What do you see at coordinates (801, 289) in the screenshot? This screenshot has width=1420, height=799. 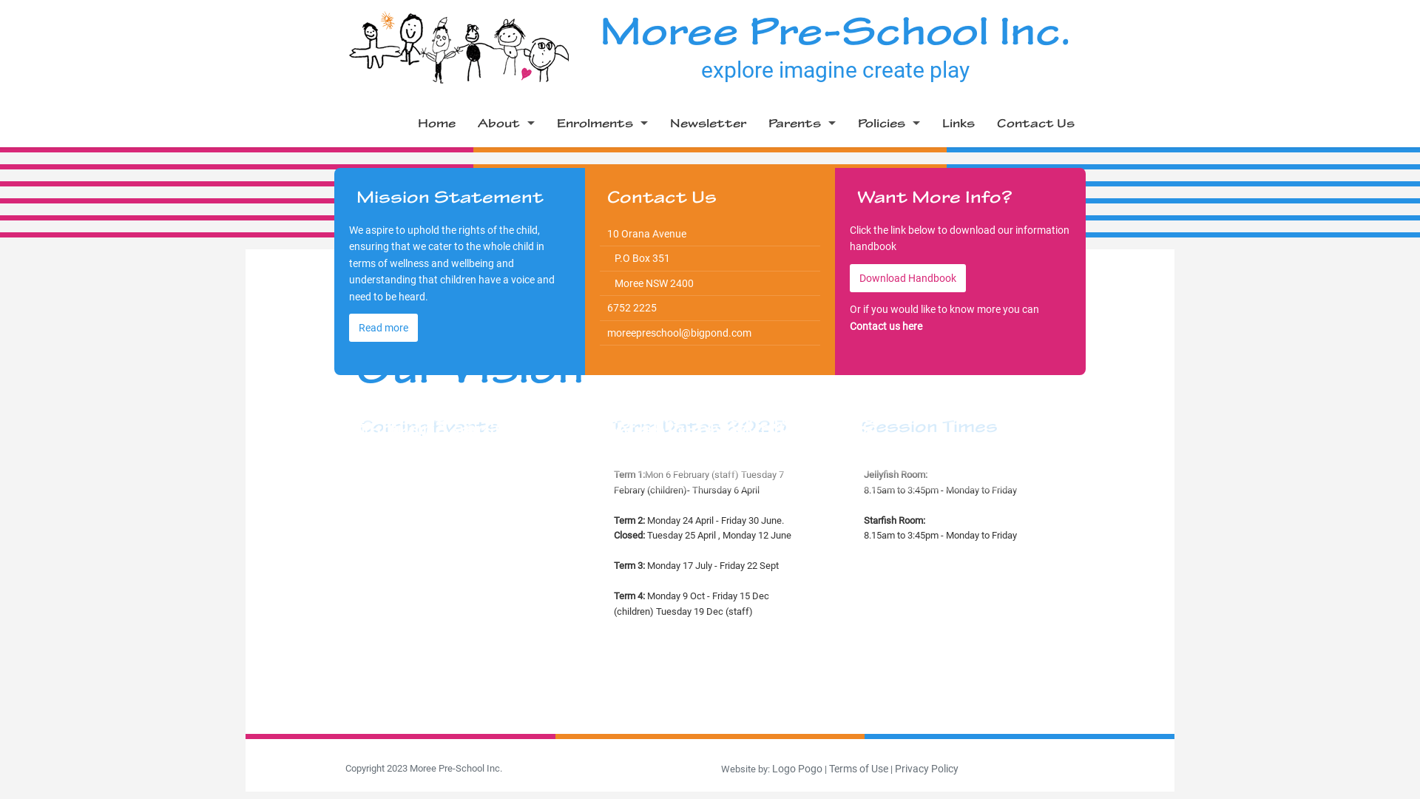 I see `'Delivery and Collection Information'` at bounding box center [801, 289].